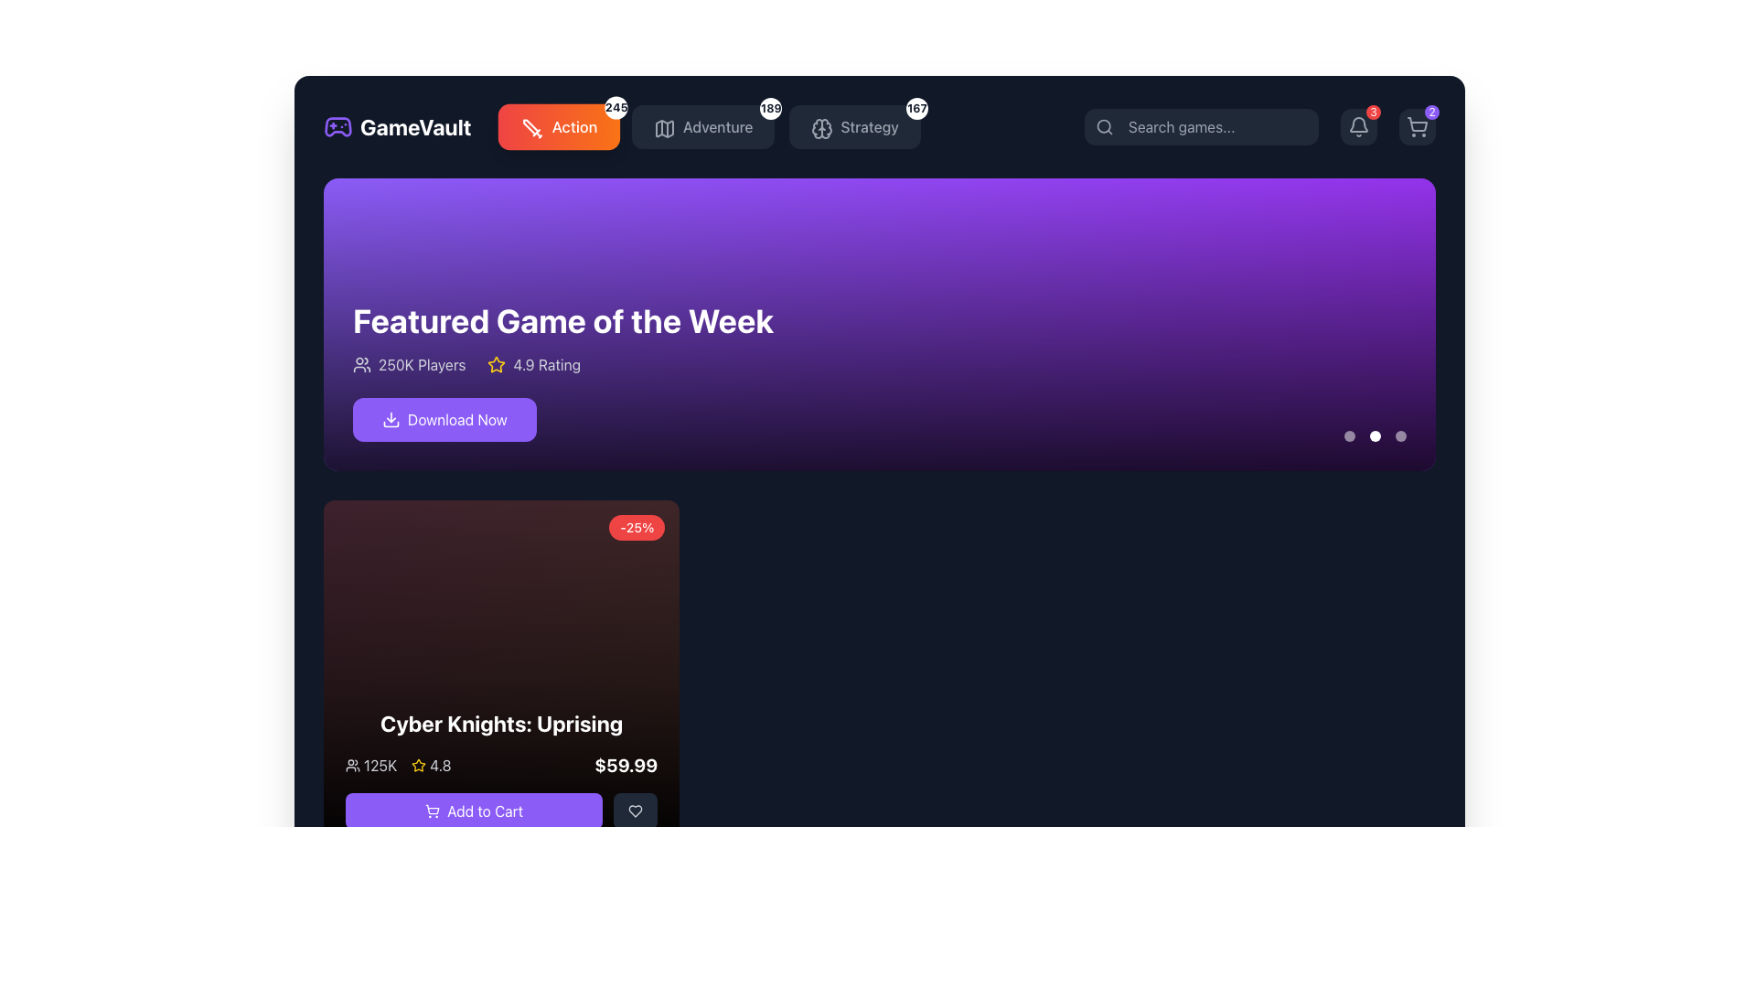 Image resolution: width=1756 pixels, height=988 pixels. Describe the element at coordinates (558, 125) in the screenshot. I see `the rectangular button with a gradient background from red to orange, featuring a sword icon and the text 'Action' in white` at that location.